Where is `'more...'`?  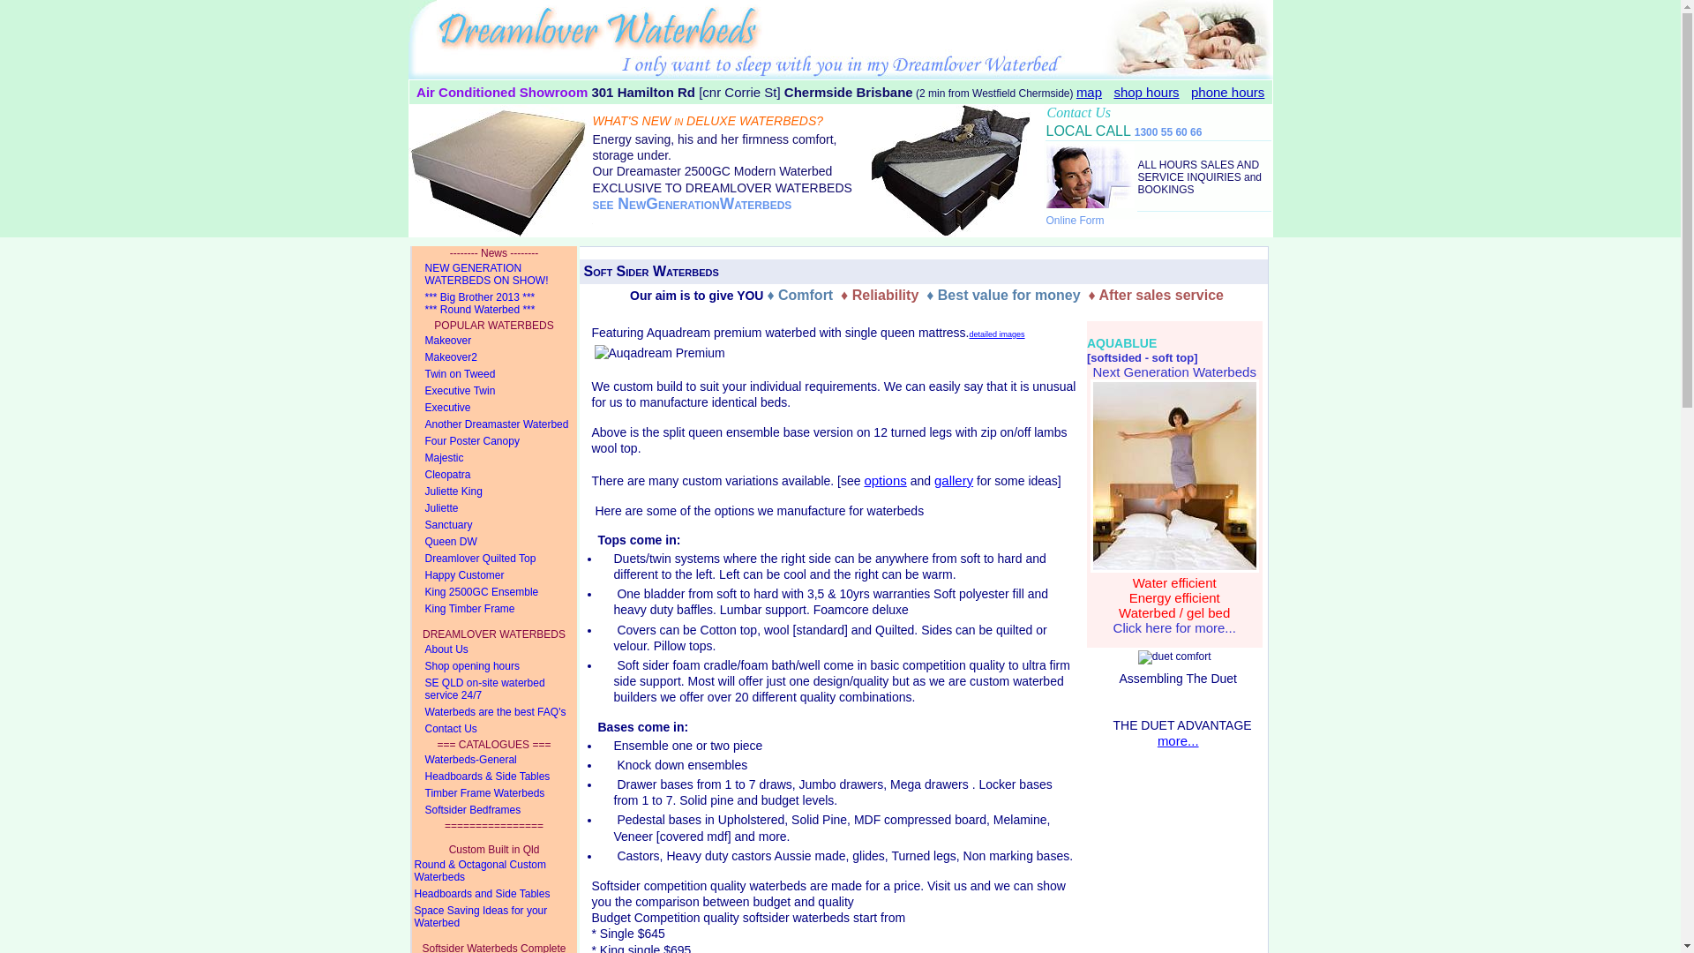 'more...' is located at coordinates (1178, 740).